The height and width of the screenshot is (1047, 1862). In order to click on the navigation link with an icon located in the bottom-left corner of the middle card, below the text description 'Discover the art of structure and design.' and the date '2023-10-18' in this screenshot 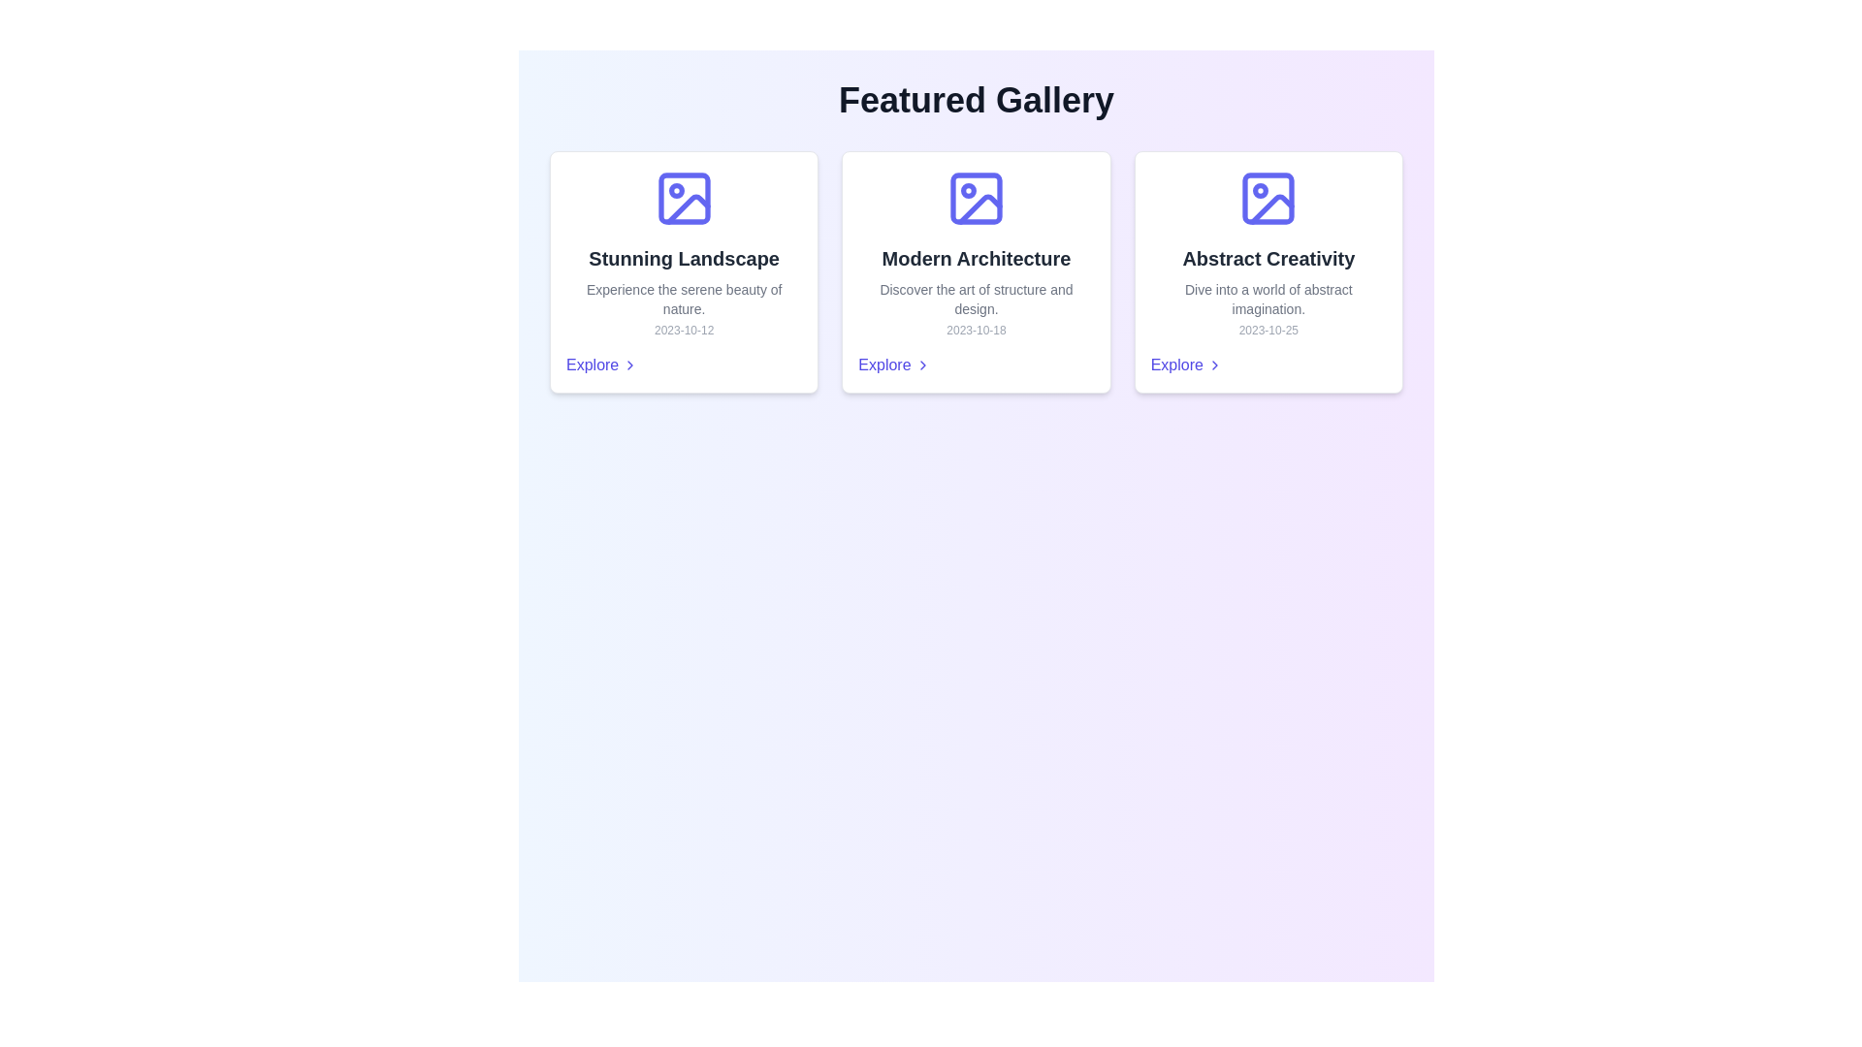, I will do `click(892, 365)`.